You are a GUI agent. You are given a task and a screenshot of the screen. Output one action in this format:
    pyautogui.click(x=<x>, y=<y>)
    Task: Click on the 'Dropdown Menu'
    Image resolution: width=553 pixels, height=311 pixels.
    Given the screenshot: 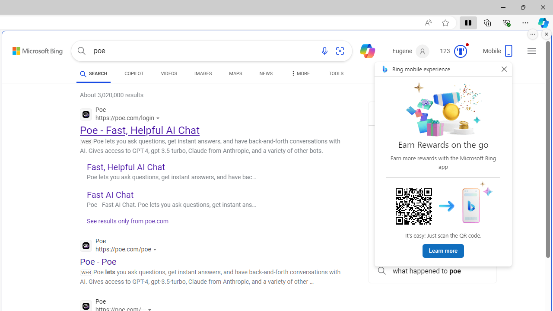 What is the action you would take?
    pyautogui.click(x=299, y=73)
    